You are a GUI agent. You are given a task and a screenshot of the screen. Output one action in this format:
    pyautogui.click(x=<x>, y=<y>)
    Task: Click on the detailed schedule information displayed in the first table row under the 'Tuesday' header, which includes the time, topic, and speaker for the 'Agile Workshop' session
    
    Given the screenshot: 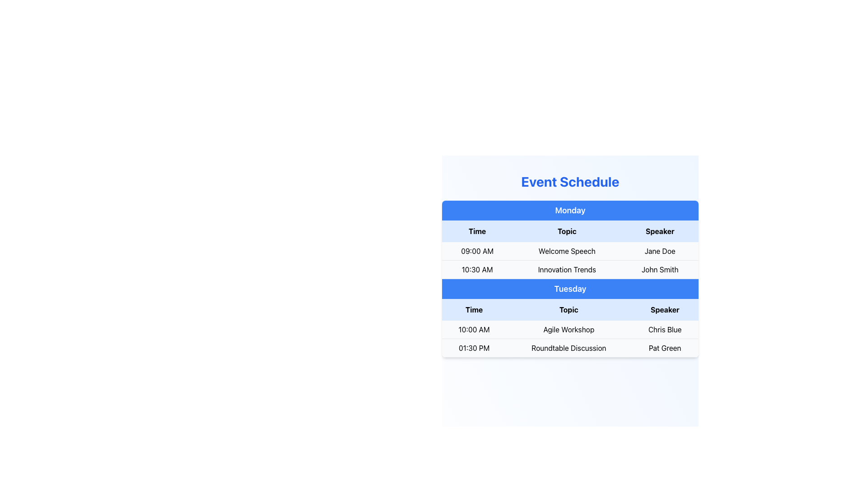 What is the action you would take?
    pyautogui.click(x=569, y=330)
    